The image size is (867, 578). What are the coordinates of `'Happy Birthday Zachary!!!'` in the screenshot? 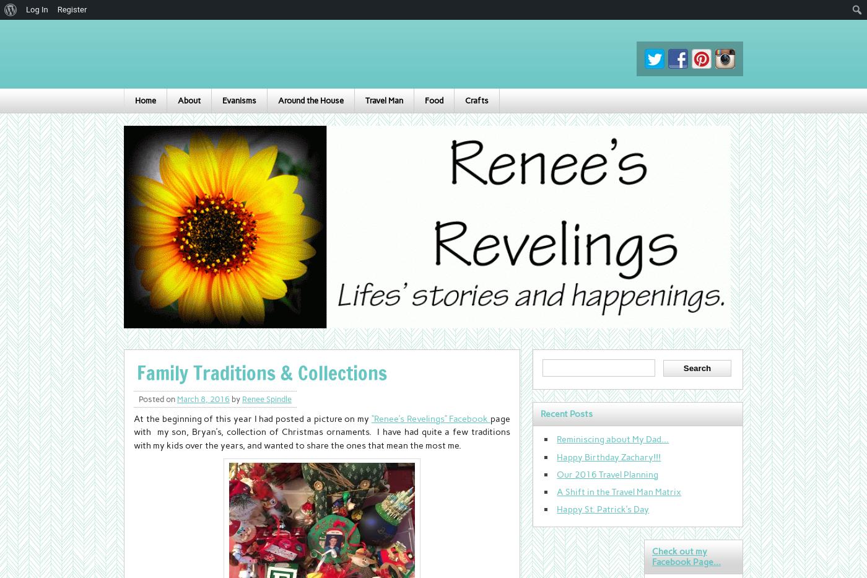 It's located at (608, 455).